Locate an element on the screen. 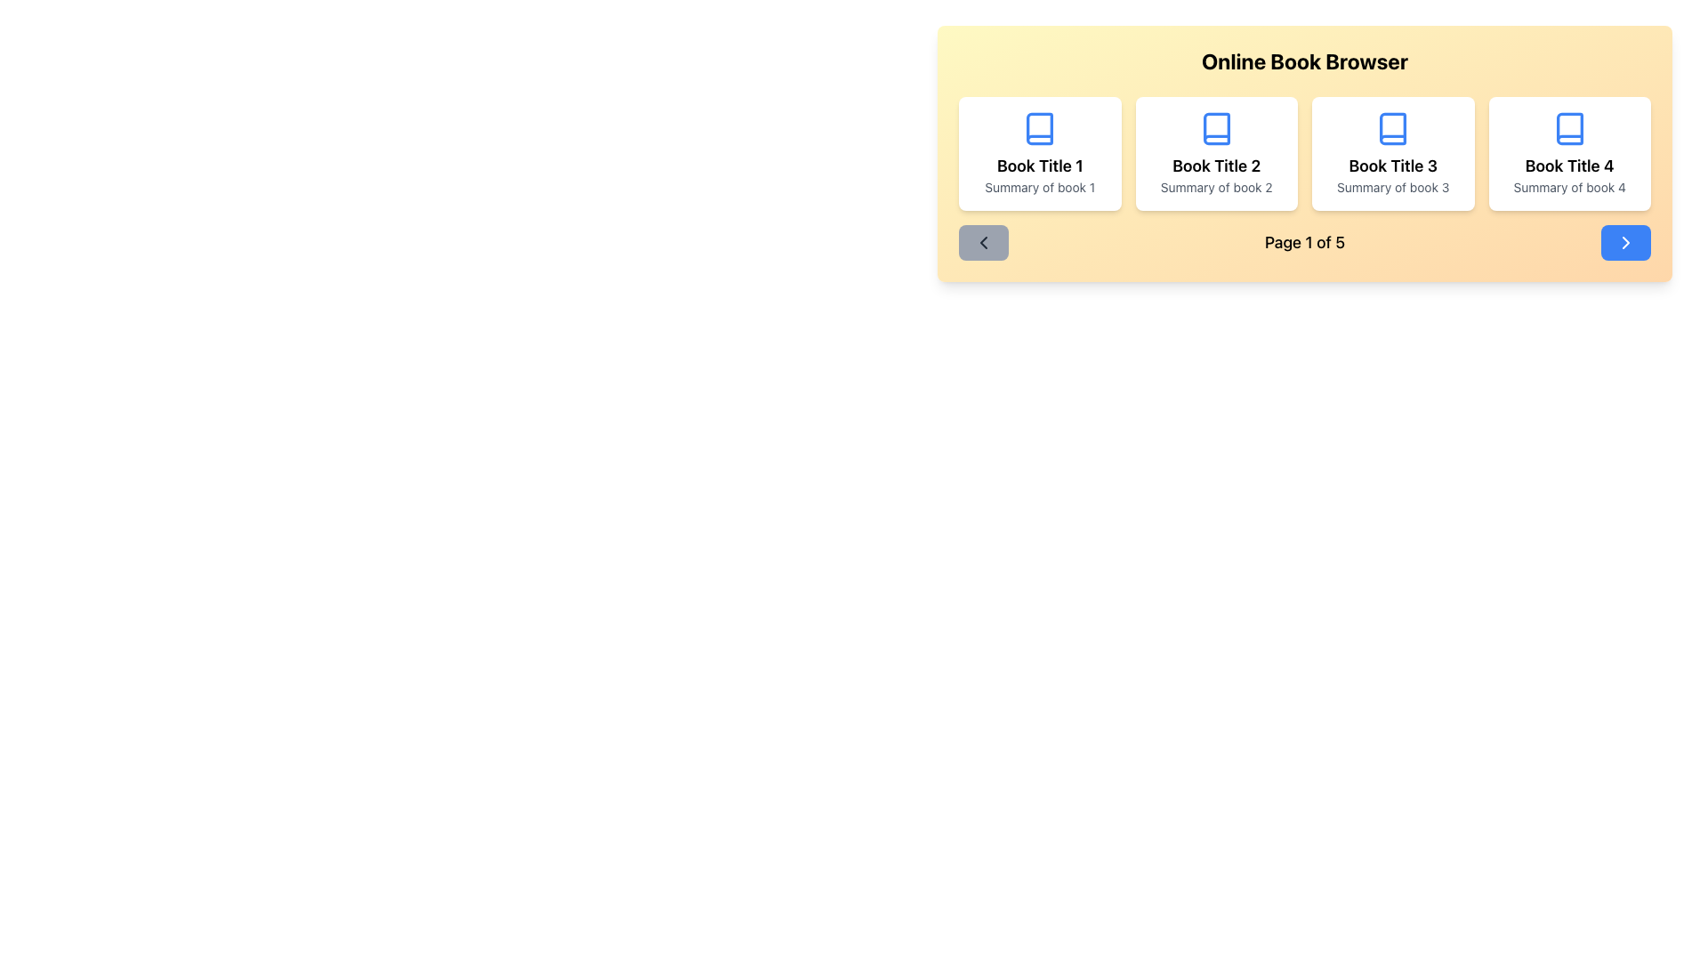  the icon representing the second book is located at coordinates (1215, 128).